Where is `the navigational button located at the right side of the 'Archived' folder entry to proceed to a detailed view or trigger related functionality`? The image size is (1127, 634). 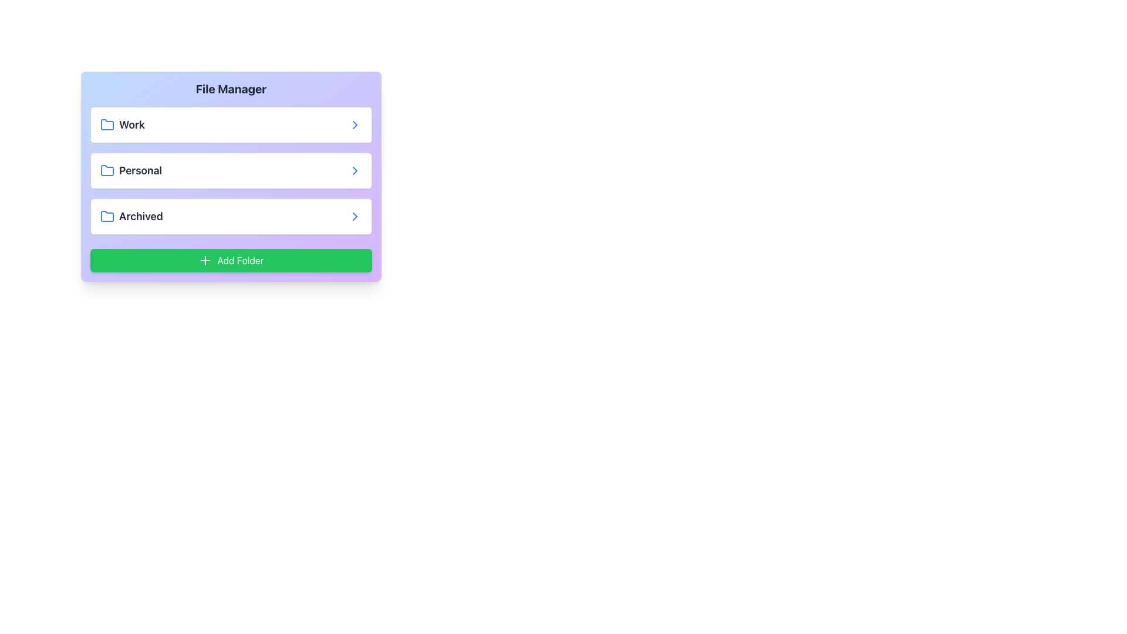
the navigational button located at the right side of the 'Archived' folder entry to proceed to a detailed view or trigger related functionality is located at coordinates (354, 217).